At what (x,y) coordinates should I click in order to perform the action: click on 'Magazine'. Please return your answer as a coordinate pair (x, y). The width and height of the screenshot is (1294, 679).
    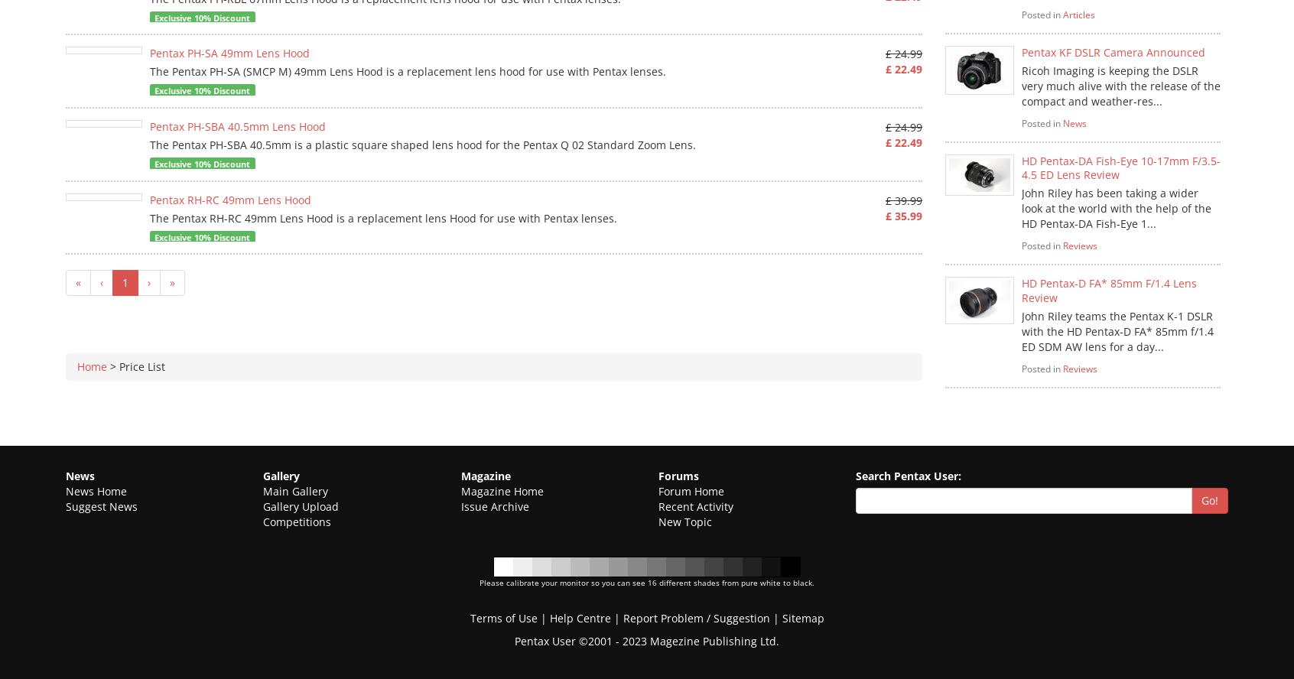
    Looking at the image, I should click on (484, 474).